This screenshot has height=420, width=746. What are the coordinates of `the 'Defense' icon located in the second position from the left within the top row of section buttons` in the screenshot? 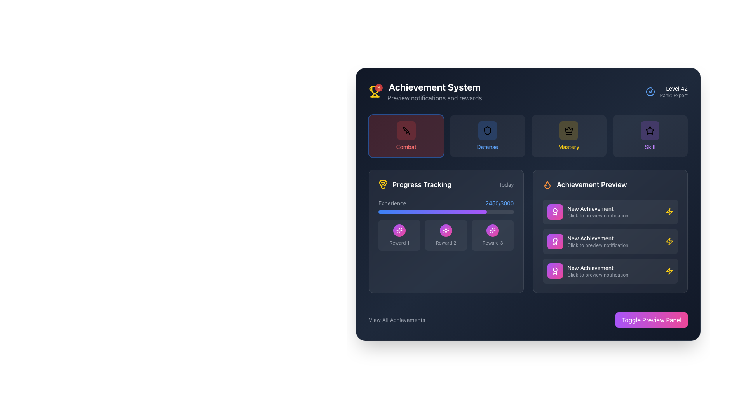 It's located at (487, 130).